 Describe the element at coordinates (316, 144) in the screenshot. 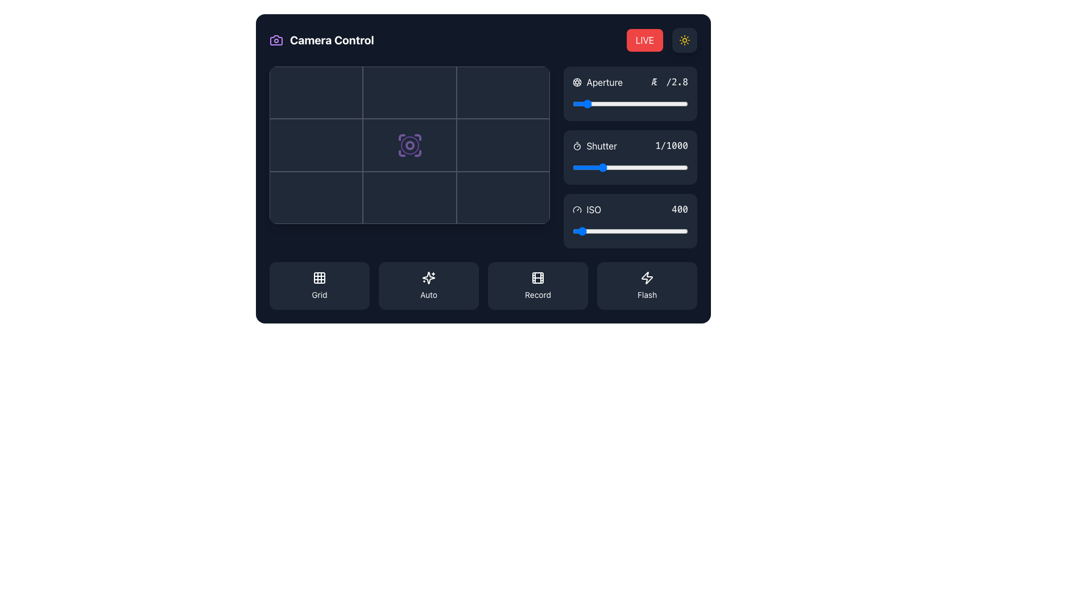

I see `the static panel located in the second row and first column of a 3x3 grid to observe possible visual effects` at that location.